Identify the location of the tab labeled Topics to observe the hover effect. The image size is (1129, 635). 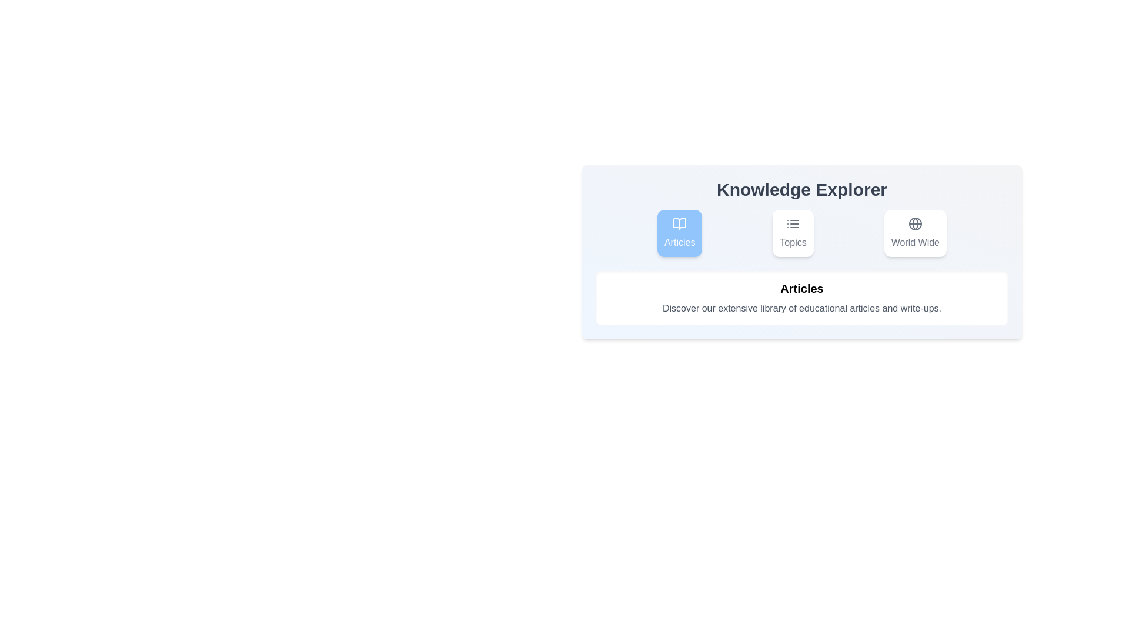
(793, 233).